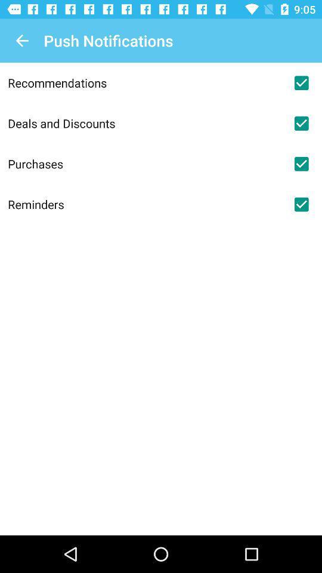 The height and width of the screenshot is (573, 322). I want to click on reminders, so click(301, 204).